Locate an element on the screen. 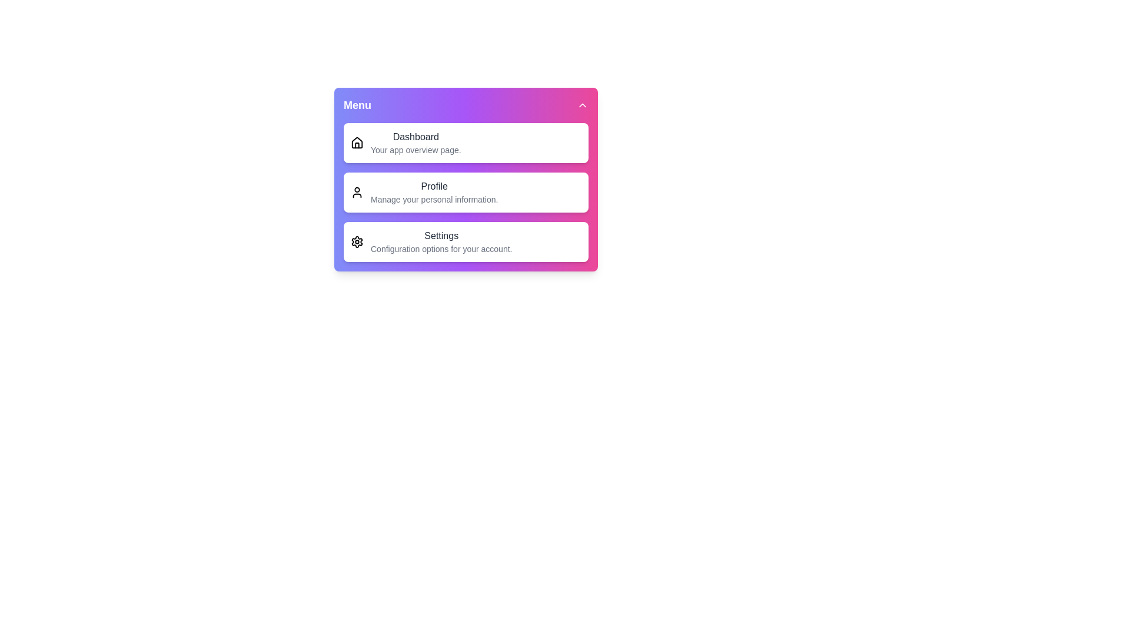 This screenshot has width=1130, height=636. the 'Profile' menu item is located at coordinates (466, 192).